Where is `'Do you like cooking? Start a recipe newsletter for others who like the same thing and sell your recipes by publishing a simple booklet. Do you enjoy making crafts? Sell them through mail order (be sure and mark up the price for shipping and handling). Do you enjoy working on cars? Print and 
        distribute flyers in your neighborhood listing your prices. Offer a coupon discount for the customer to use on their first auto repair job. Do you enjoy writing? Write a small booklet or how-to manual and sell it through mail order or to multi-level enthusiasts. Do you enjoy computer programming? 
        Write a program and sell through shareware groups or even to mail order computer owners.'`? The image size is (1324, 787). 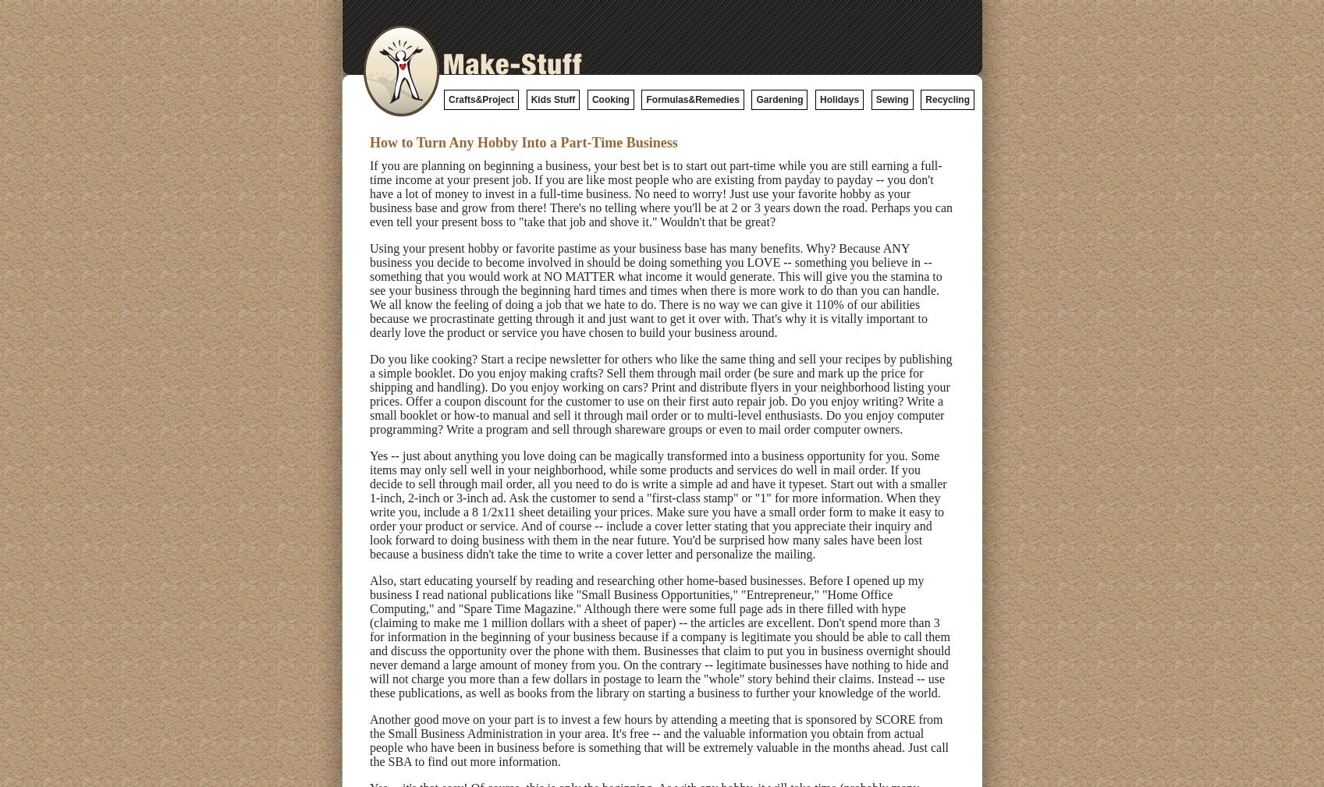 'Do you like cooking? Start a recipe newsletter for others who like the same thing and sell your recipes by publishing a simple booklet. Do you enjoy making crafts? Sell them through mail order (be sure and mark up the price for shipping and handling). Do you enjoy working on cars? Print and 
        distribute flyers in your neighborhood listing your prices. Offer a coupon discount for the customer to use on their first auto repair job. Do you enjoy writing? Write a small booklet or how-to manual and sell it through mail order or to multi-level enthusiasts. Do you enjoy computer programming? 
        Write a program and sell through shareware groups or even to mail order computer owners.' is located at coordinates (660, 393).